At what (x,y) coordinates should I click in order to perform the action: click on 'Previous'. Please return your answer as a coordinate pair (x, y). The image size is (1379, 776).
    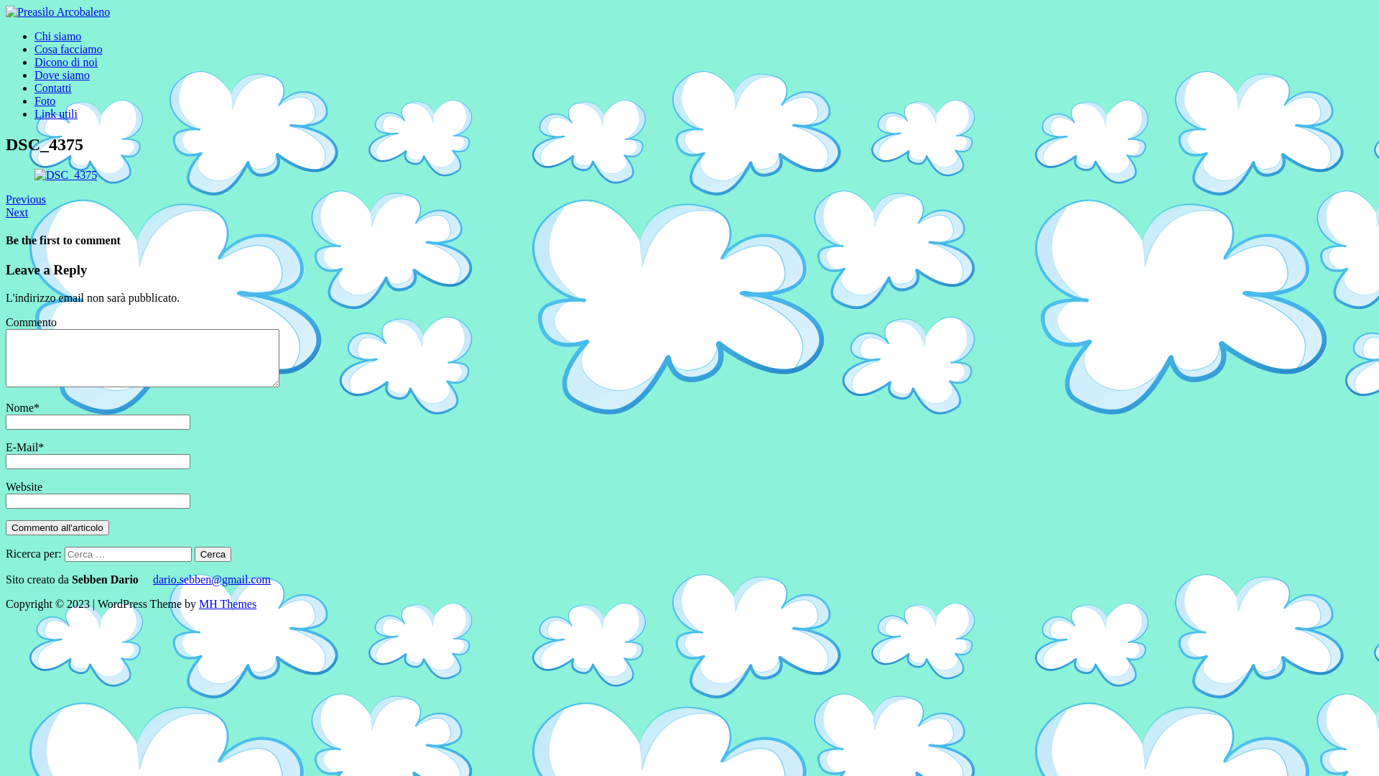
    Looking at the image, I should click on (25, 199).